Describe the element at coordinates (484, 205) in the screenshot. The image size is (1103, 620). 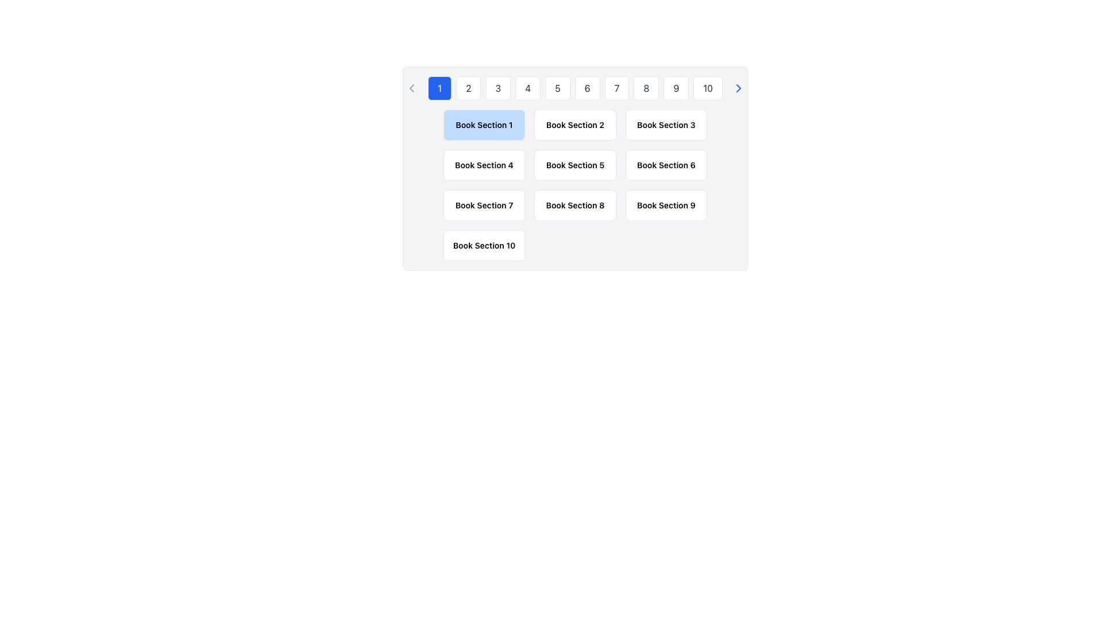
I see `the 'Book Section 7' text label, which is styled in a bold and smaller font, located in the second row and first column of a grid layout` at that location.